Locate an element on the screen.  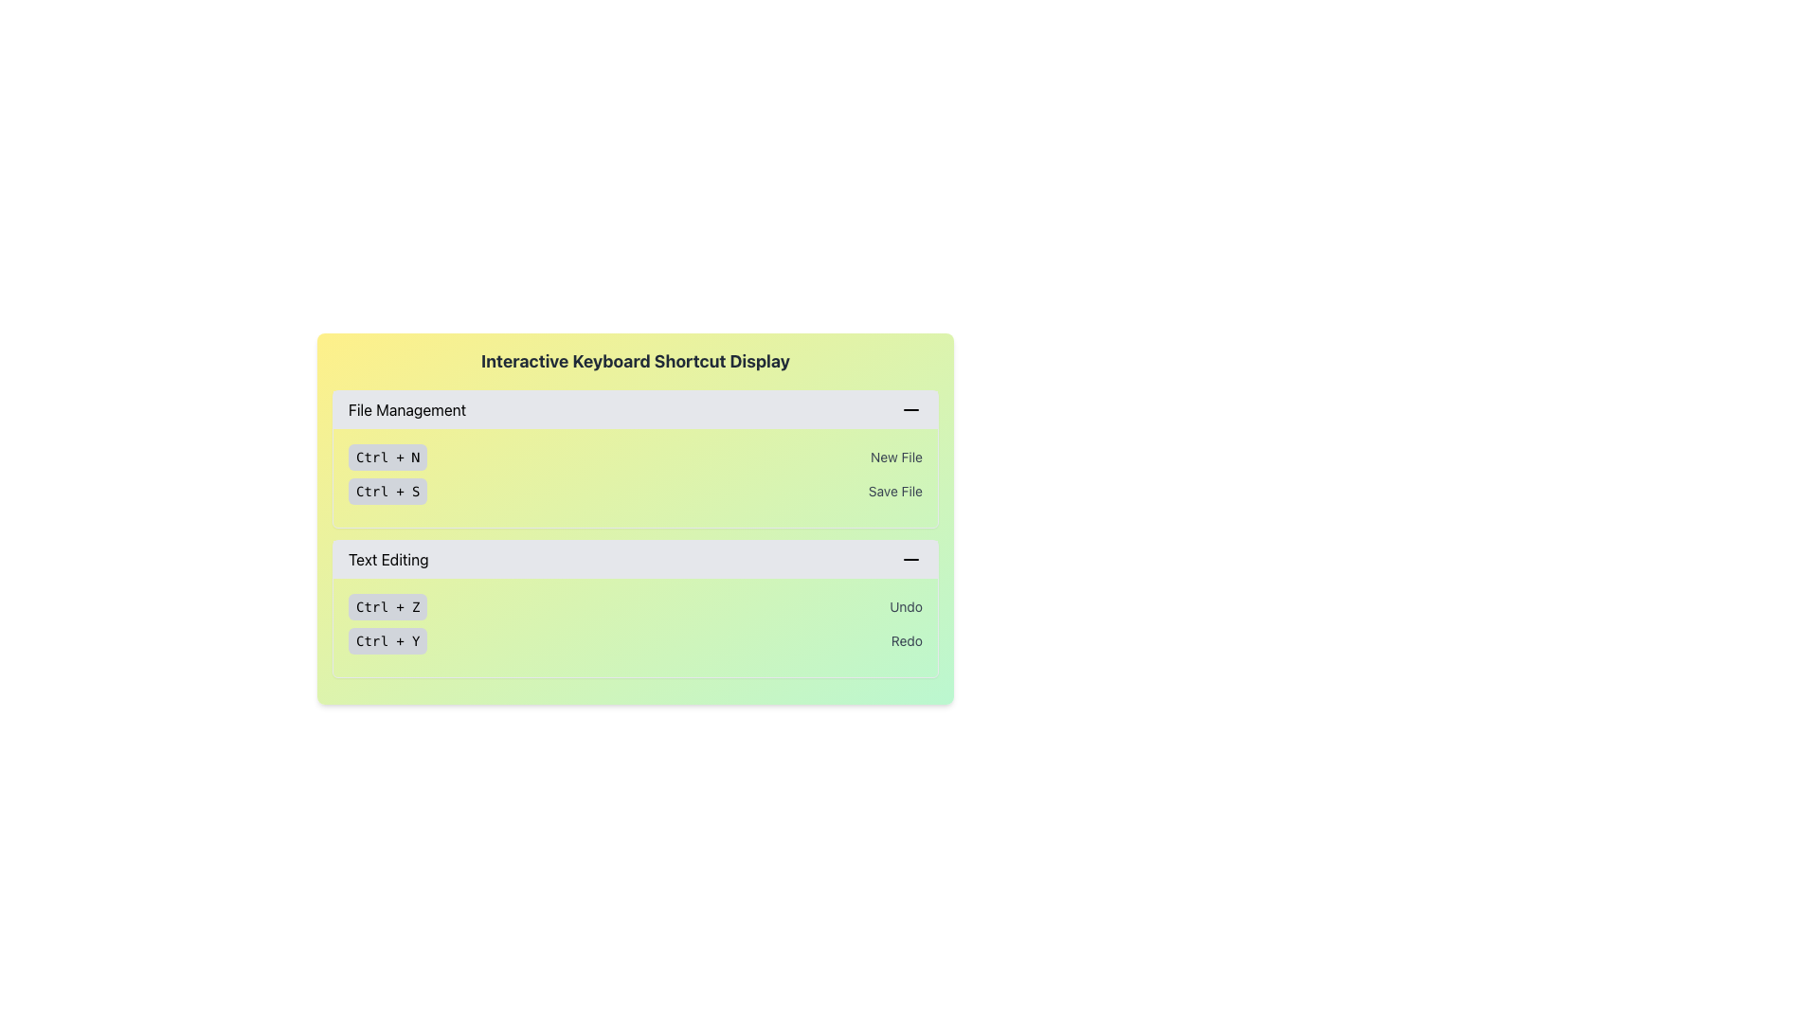
the minus symbol icon located at the far right of the 'Text Editing' section is located at coordinates (910, 558).